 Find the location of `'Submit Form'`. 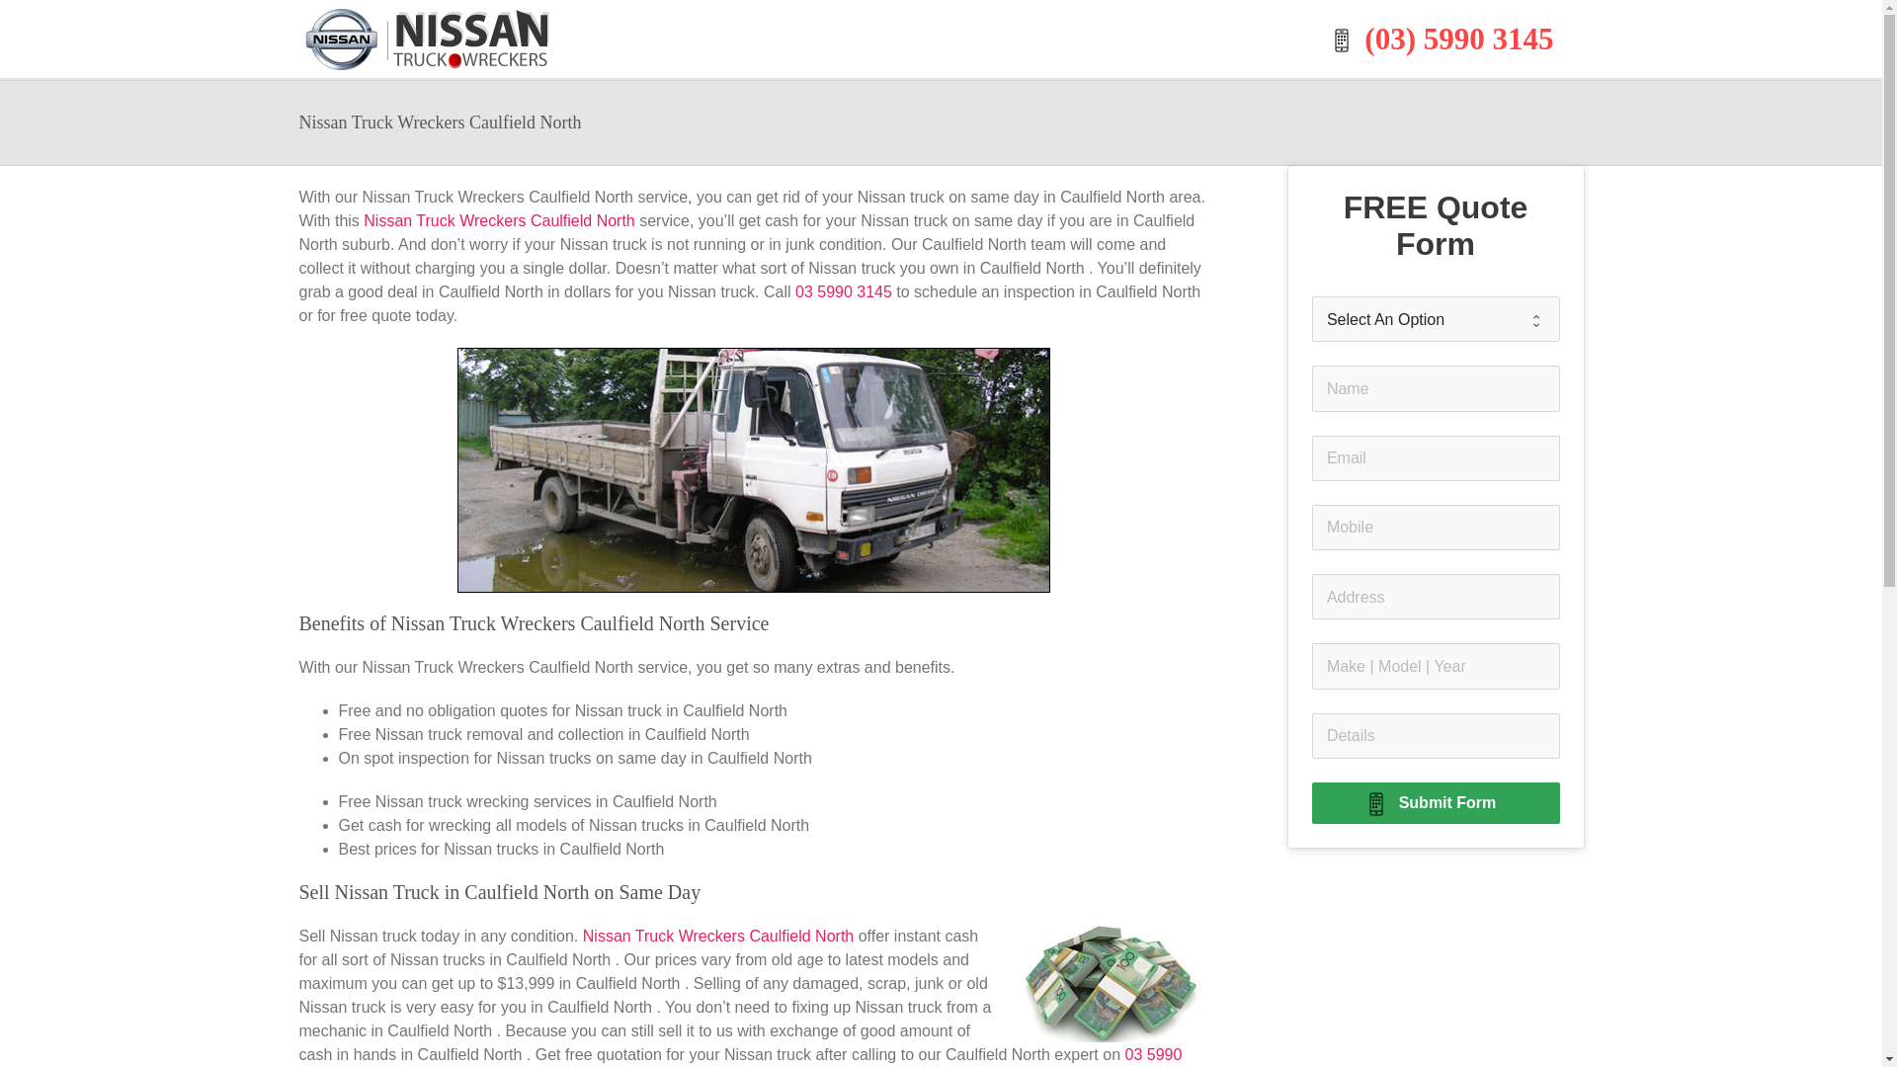

'Submit Form' is located at coordinates (1436, 803).